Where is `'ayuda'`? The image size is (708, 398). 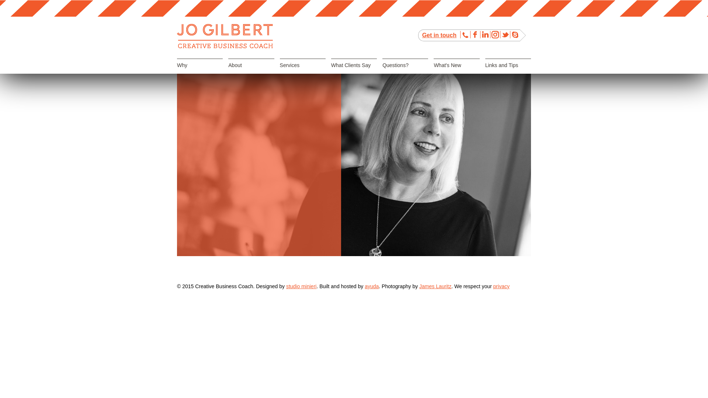
'ayuda' is located at coordinates (372, 286).